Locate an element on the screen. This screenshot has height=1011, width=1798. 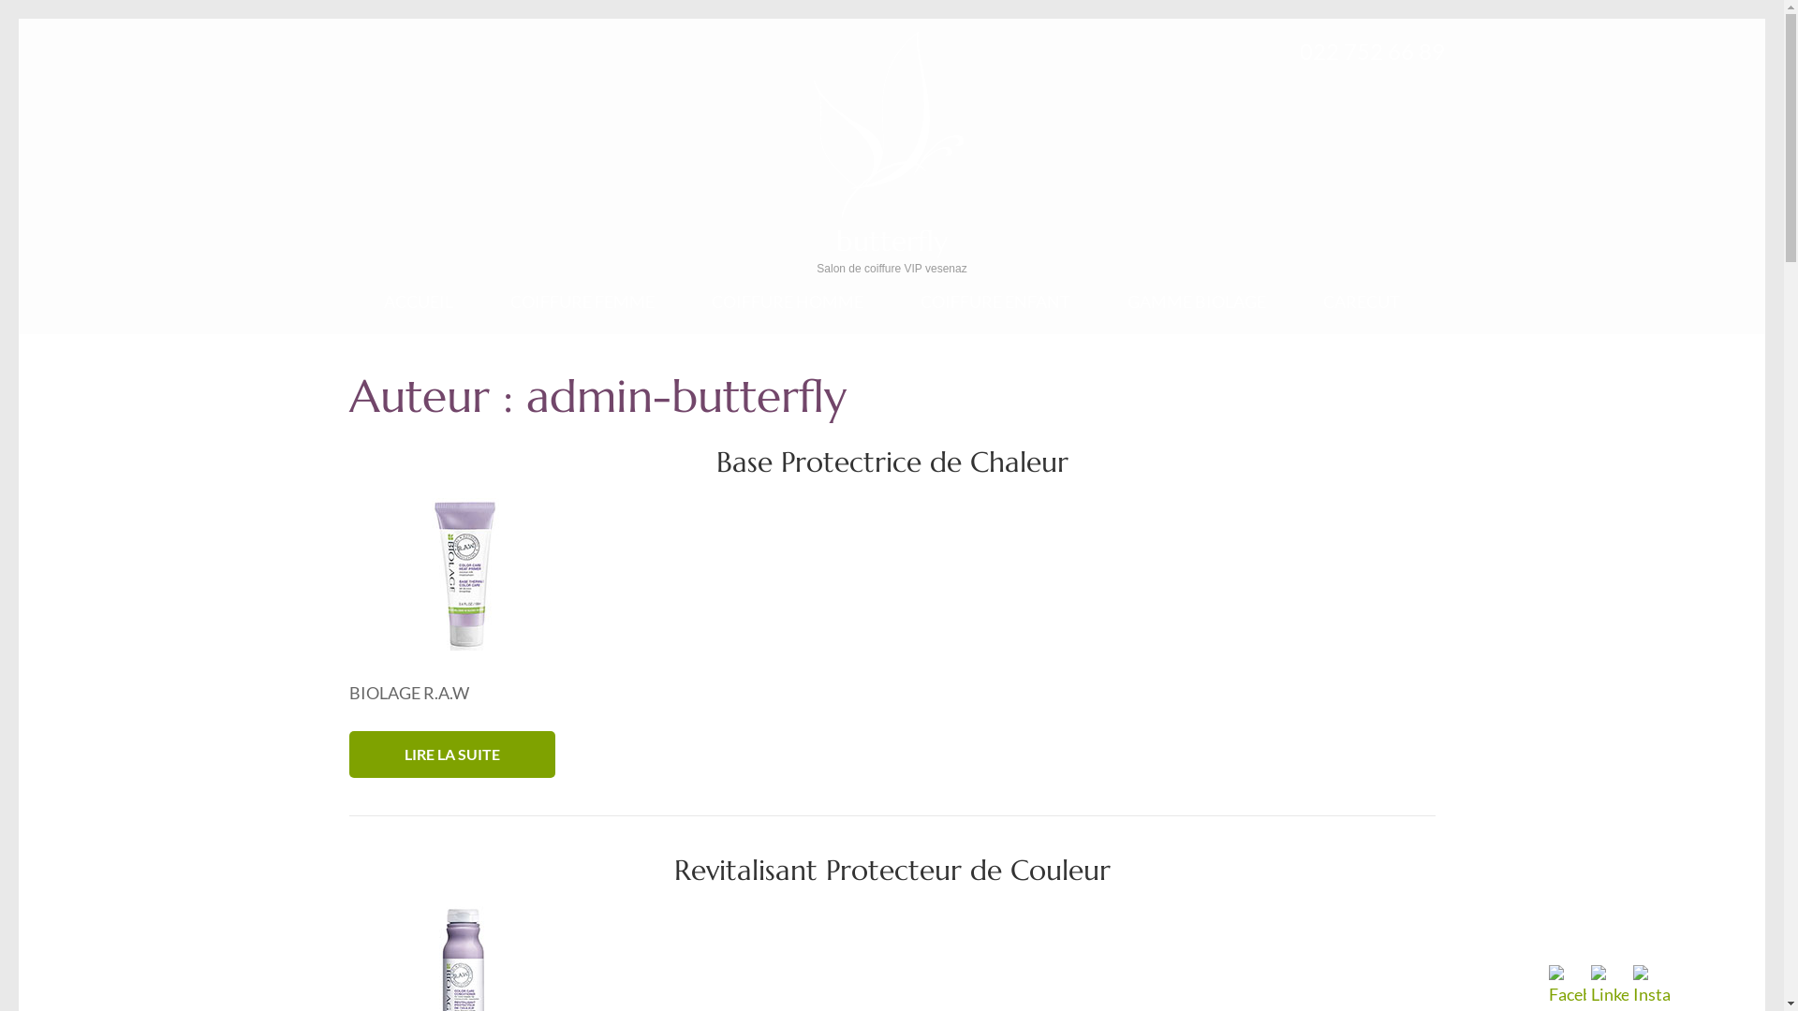
'COIFFURE HOMME' is located at coordinates (787, 312).